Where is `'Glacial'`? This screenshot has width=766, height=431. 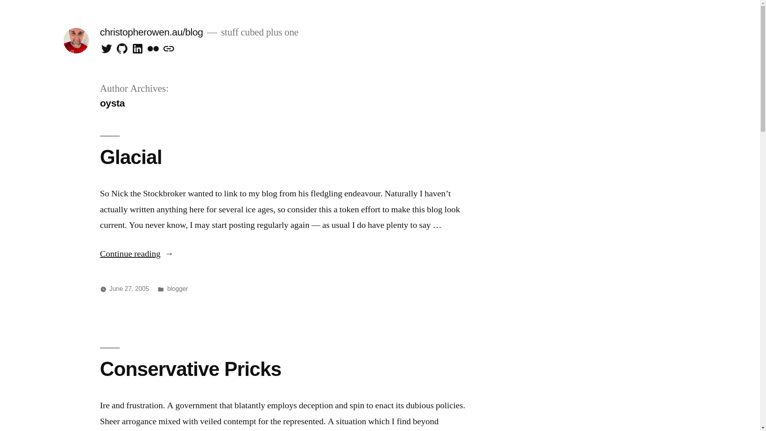 'Glacial' is located at coordinates (130, 157).